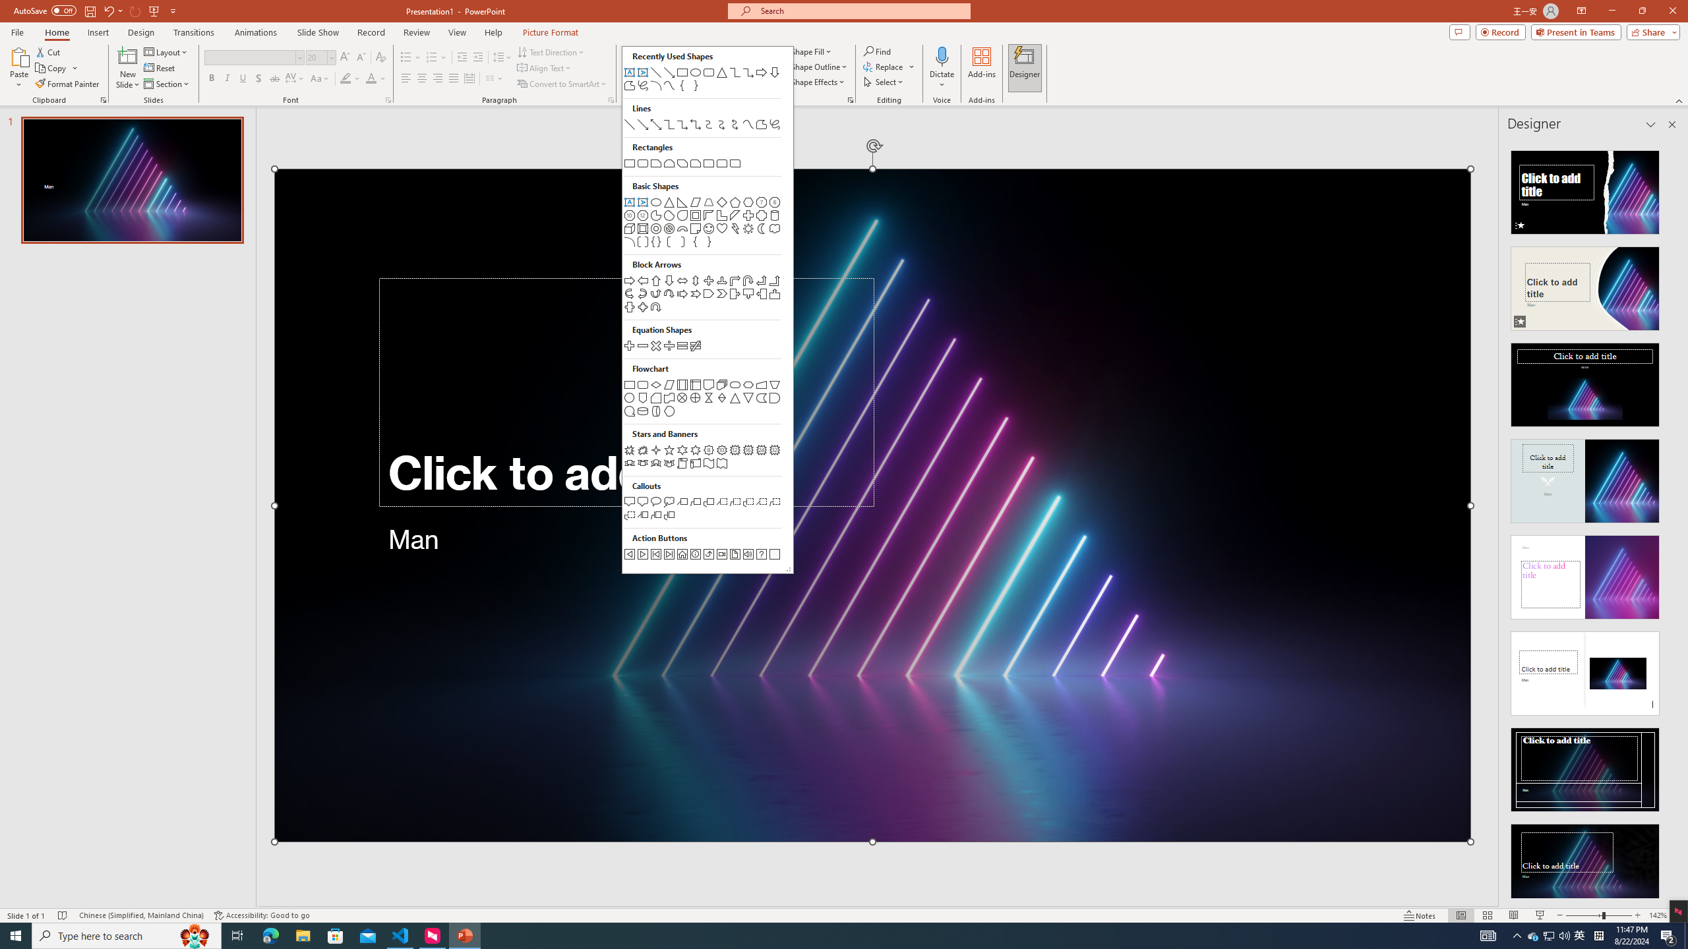 Image resolution: width=1688 pixels, height=949 pixels. What do you see at coordinates (212, 78) in the screenshot?
I see `'Bold'` at bounding box center [212, 78].